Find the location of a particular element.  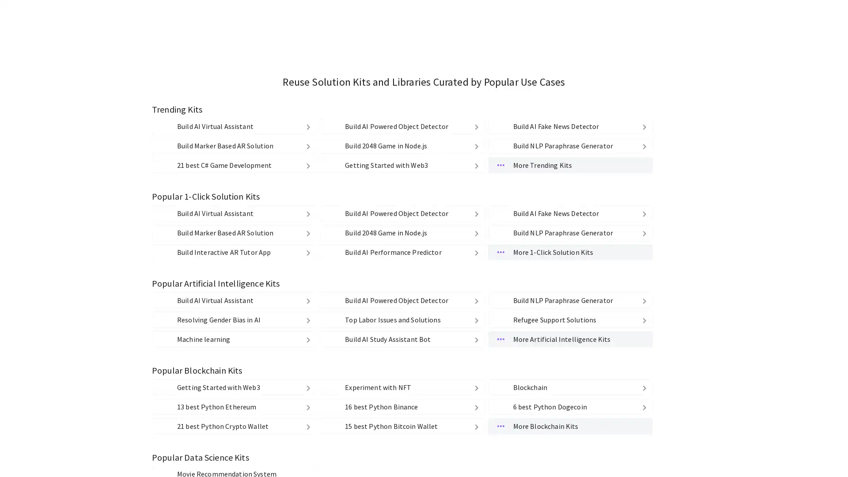

Low is located at coordinates (493, 223).